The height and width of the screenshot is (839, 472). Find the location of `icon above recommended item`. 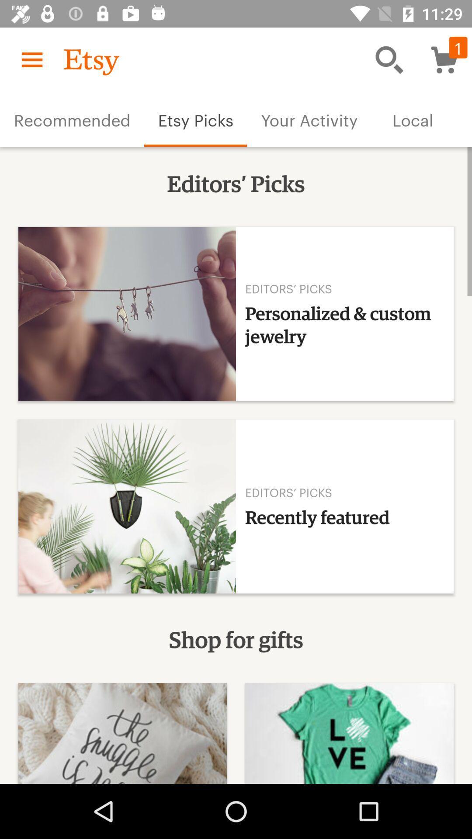

icon above recommended item is located at coordinates (31, 59).